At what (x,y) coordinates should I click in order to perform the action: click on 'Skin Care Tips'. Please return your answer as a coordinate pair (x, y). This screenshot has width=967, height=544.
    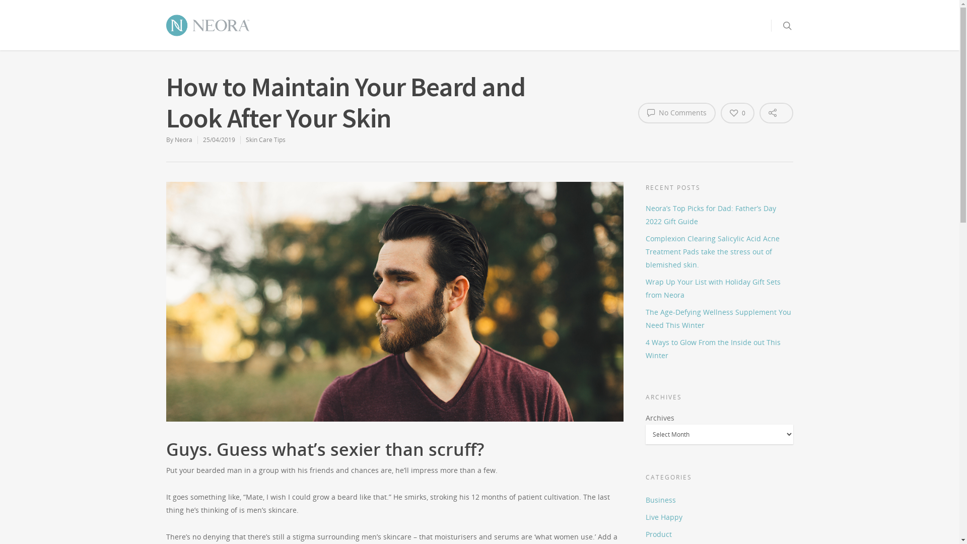
    Looking at the image, I should click on (265, 140).